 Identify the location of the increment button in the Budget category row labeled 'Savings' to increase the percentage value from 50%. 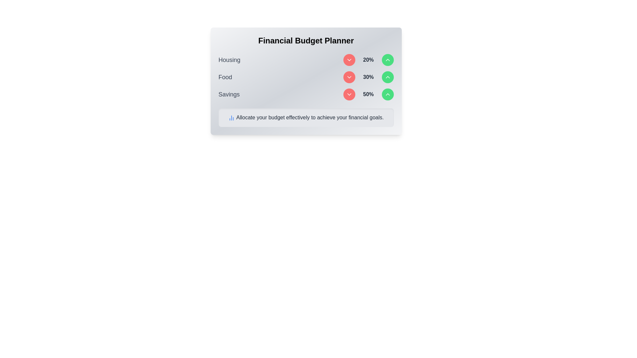
(306, 94).